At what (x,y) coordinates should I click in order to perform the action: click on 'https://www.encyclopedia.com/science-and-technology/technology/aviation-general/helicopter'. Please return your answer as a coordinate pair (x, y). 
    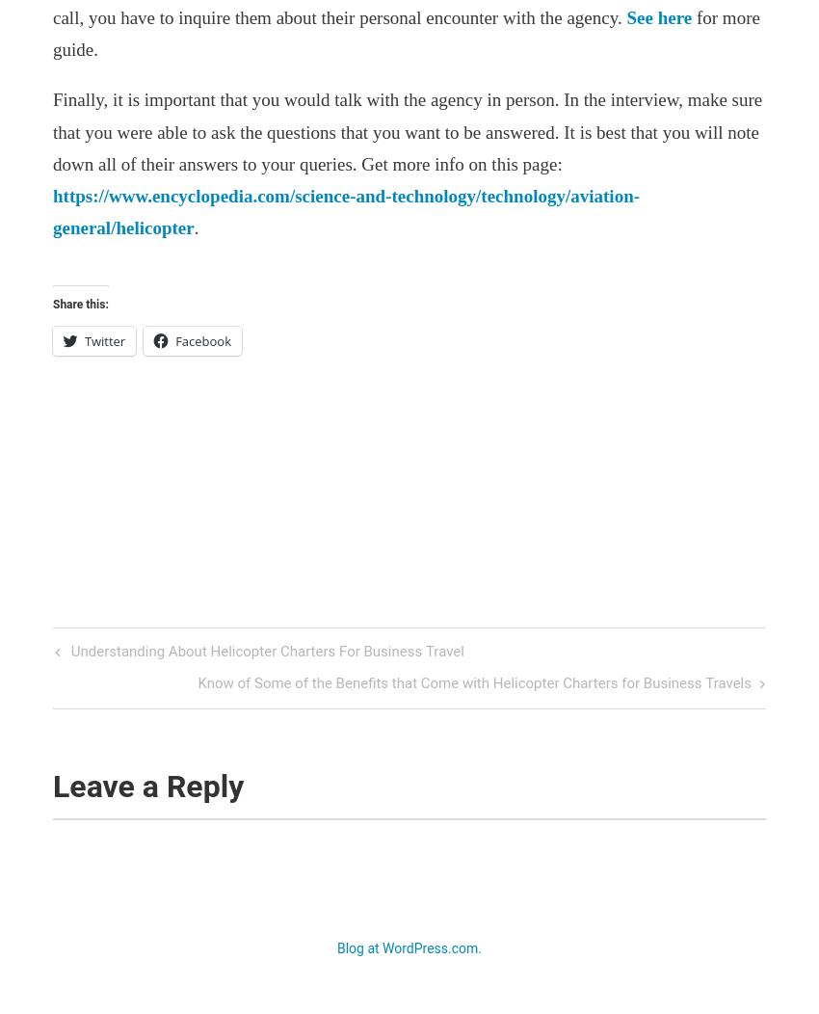
    Looking at the image, I should click on (345, 211).